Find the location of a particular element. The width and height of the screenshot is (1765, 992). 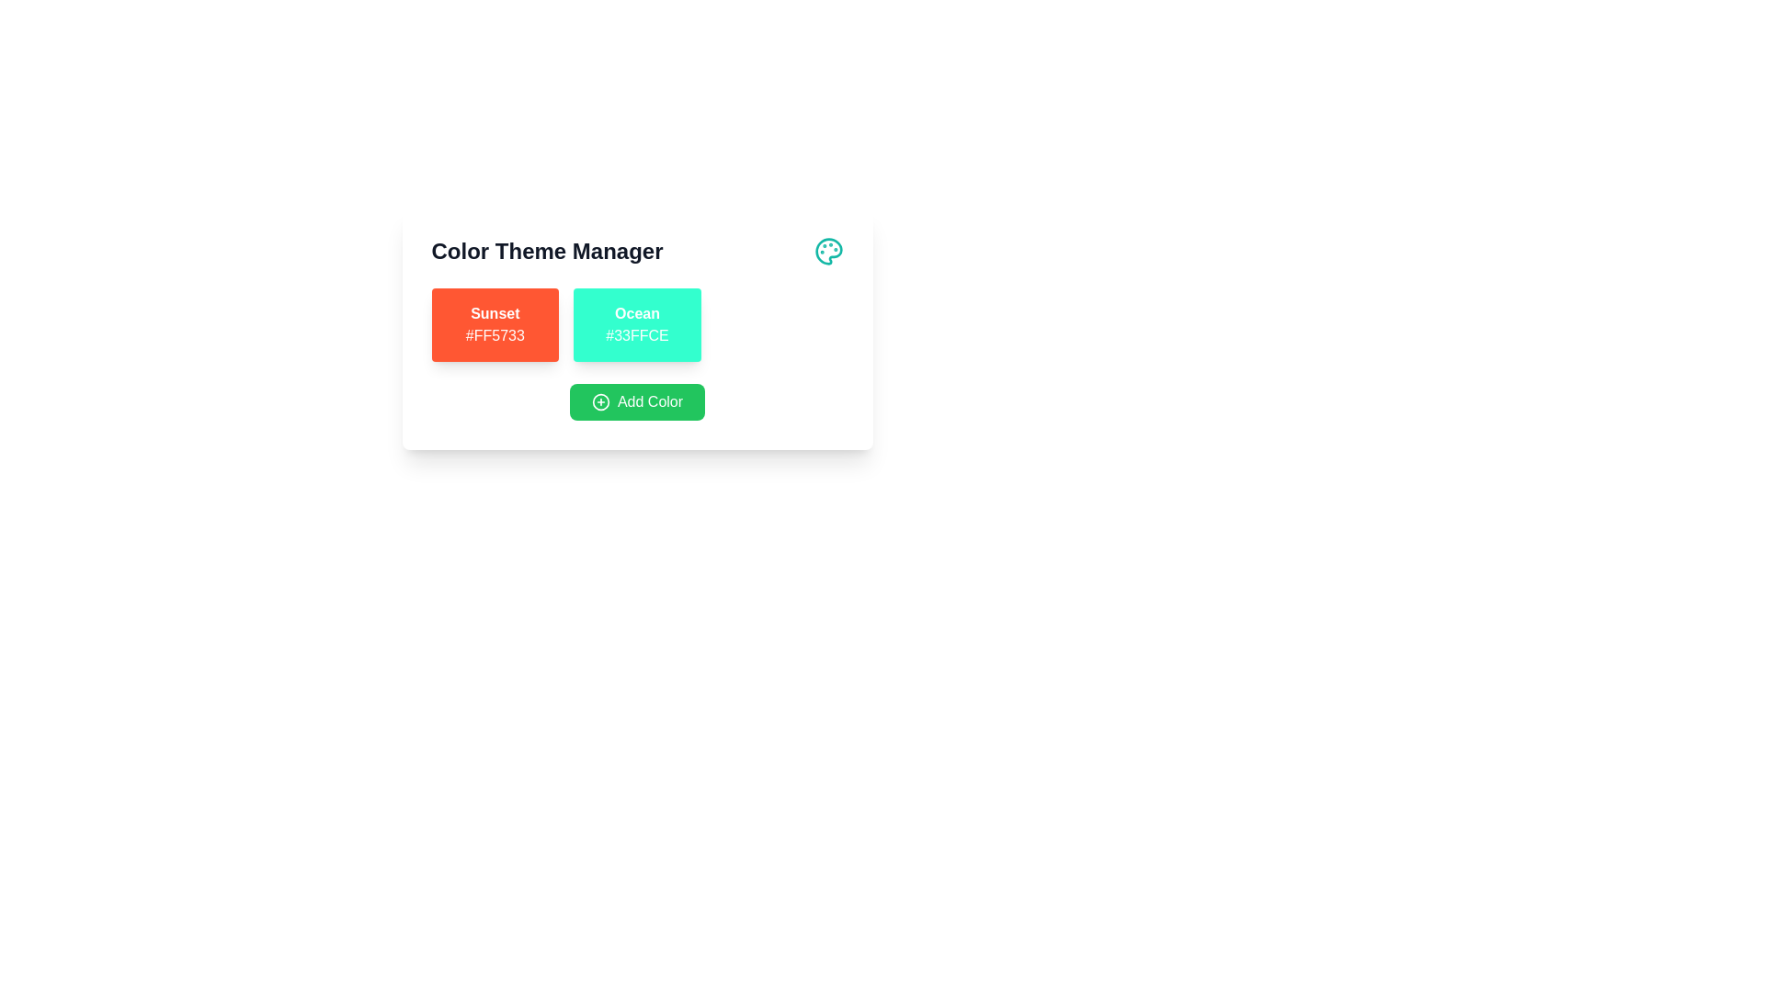

the 'Color Theme Manager' header text and accompanying palette icon, which features bold black text and a colorful icon, located at the top of the section is located at coordinates (637, 251).